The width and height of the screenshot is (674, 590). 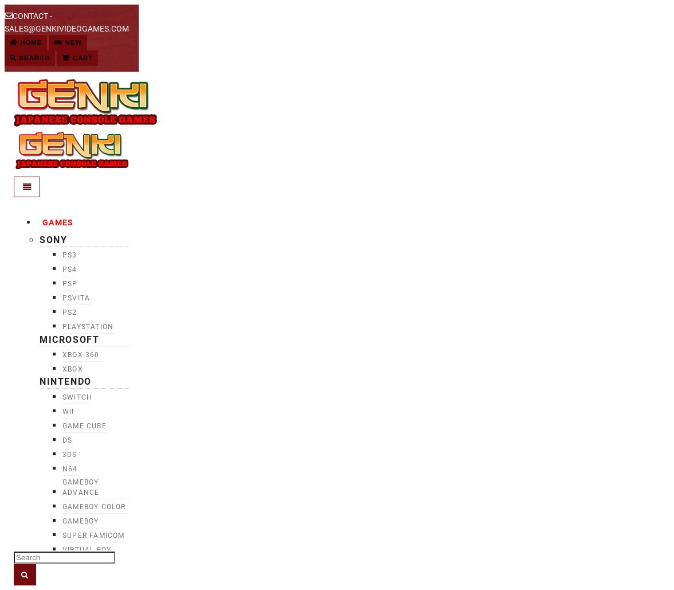 I want to click on 'PS3', so click(x=69, y=255).